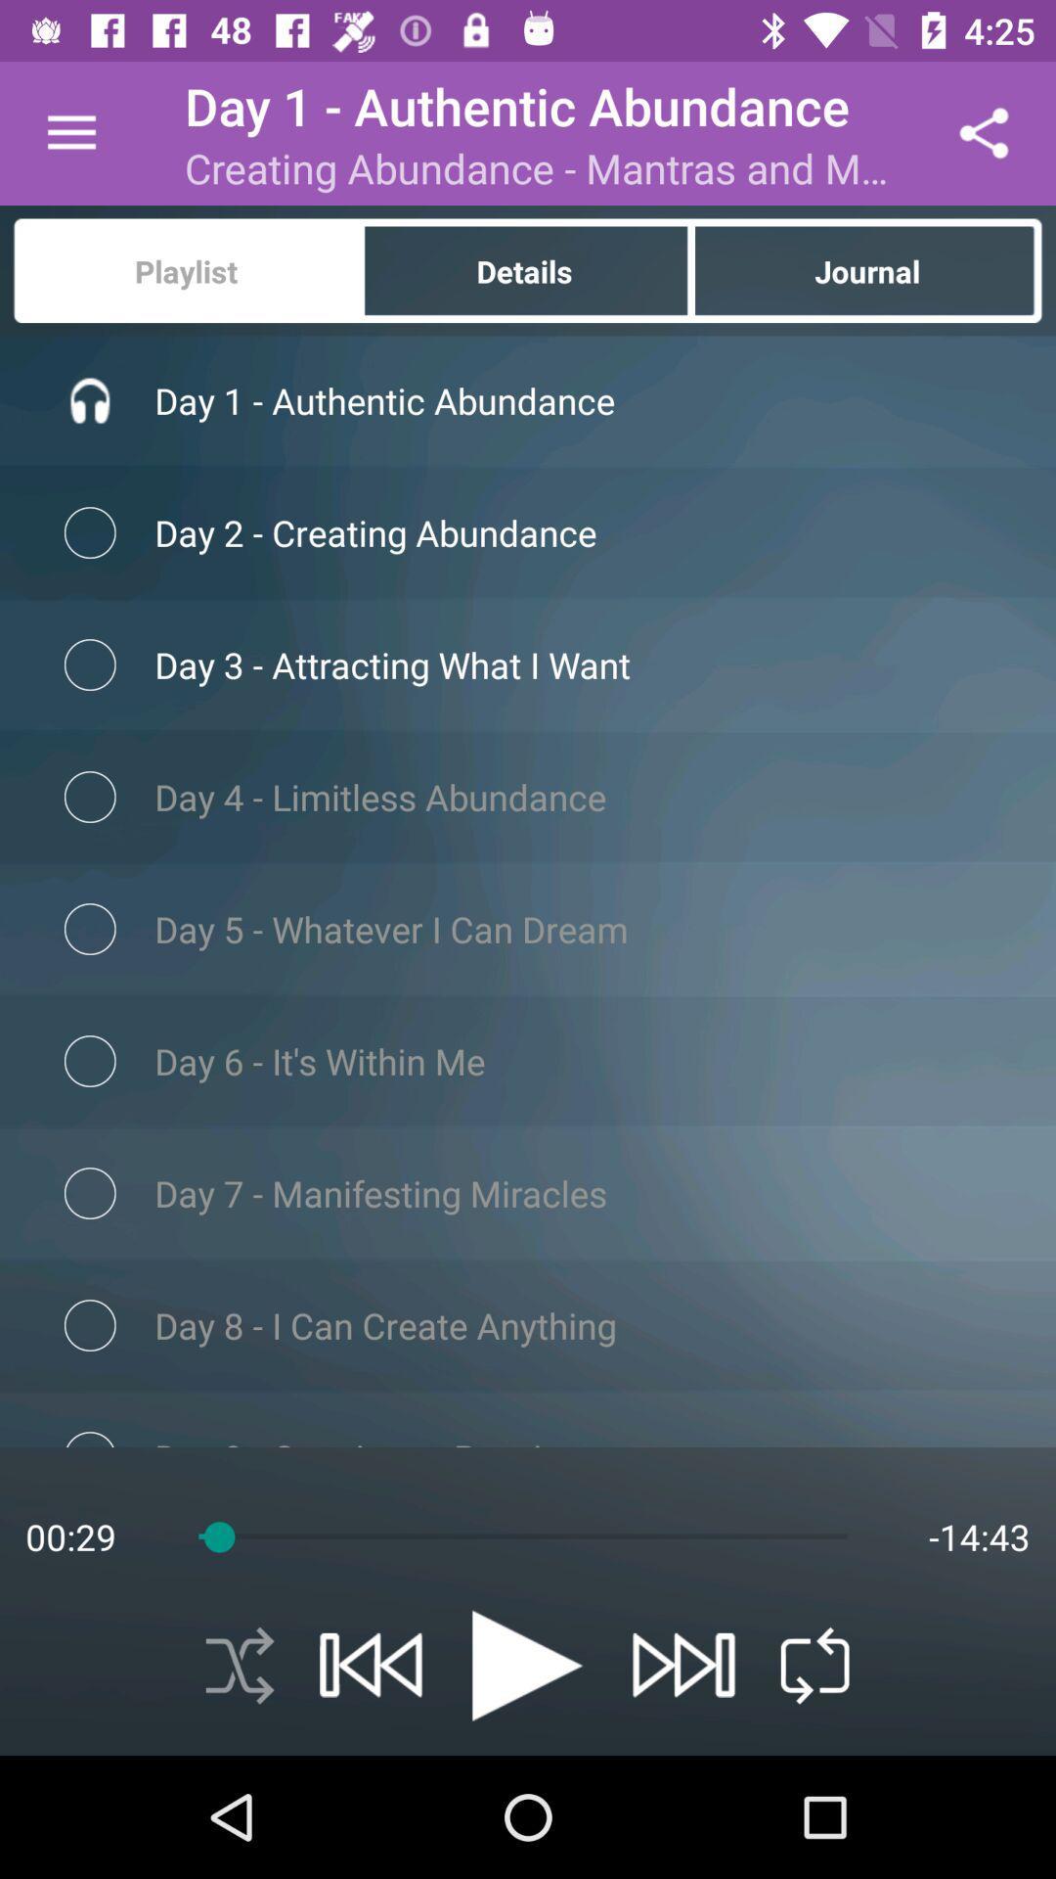  What do you see at coordinates (70, 132) in the screenshot?
I see `item to the left of the day 1 authentic` at bounding box center [70, 132].